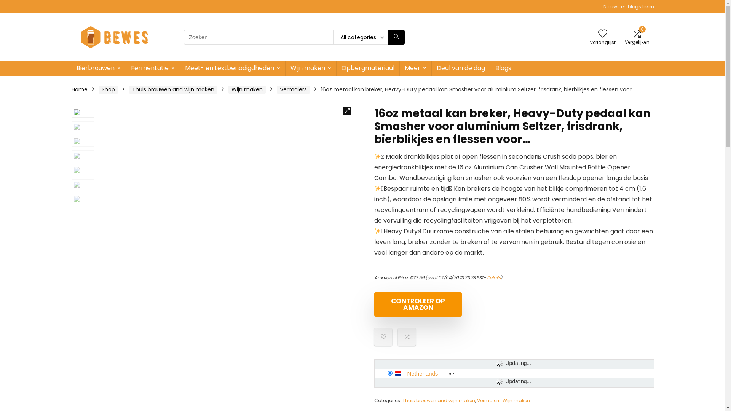 The width and height of the screenshot is (731, 411). Describe the element at coordinates (460, 68) in the screenshot. I see `'Deal van de dag'` at that location.